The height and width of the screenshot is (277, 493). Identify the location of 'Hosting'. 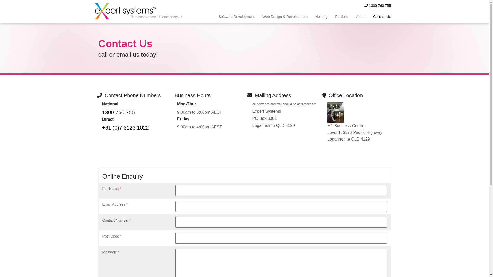
(321, 16).